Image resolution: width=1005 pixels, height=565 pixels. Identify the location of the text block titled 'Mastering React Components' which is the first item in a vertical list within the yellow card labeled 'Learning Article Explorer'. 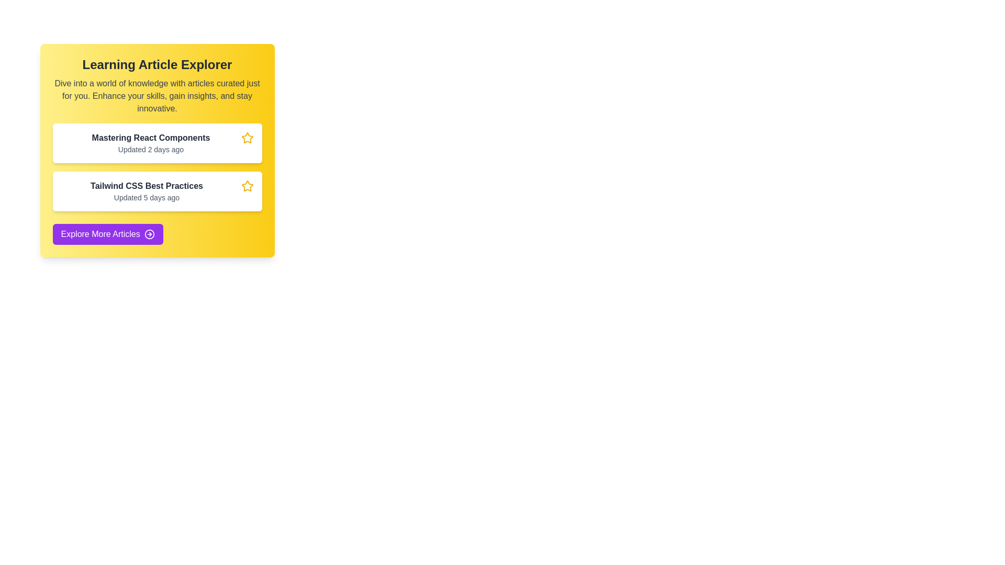
(150, 143).